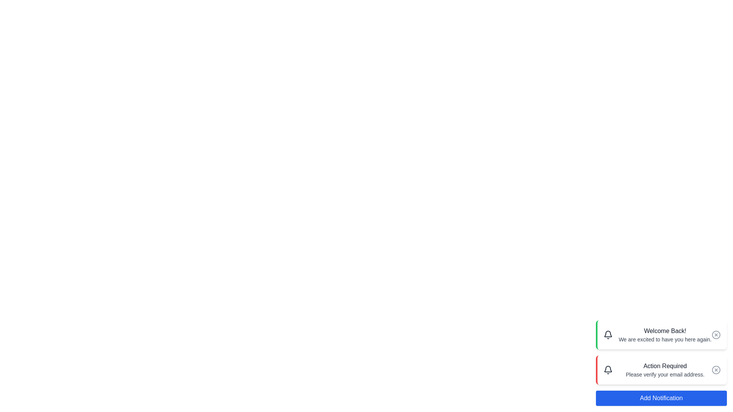 This screenshot has height=412, width=733. I want to click on the close button of the notification titled 'Welcome Back!', so click(716, 335).